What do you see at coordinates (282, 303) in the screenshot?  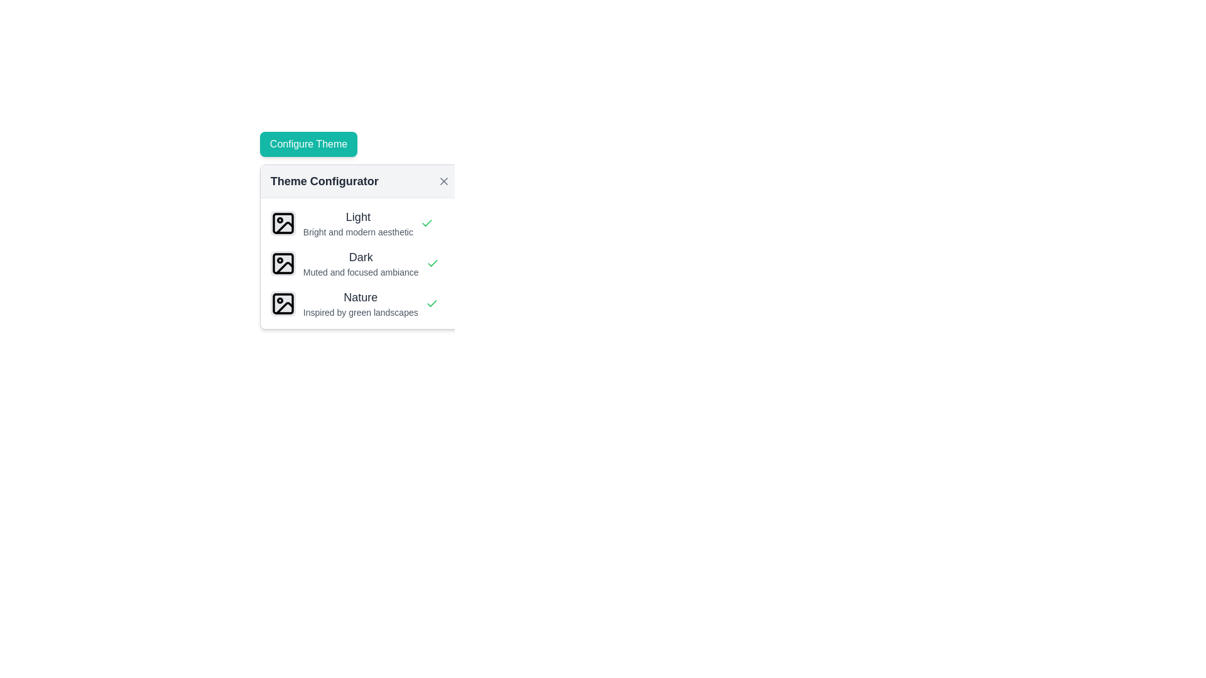 I see `the small rectangular icon with rounded corners that represents the 'Nature' theme in the 'Theme Configurator' panel` at bounding box center [282, 303].